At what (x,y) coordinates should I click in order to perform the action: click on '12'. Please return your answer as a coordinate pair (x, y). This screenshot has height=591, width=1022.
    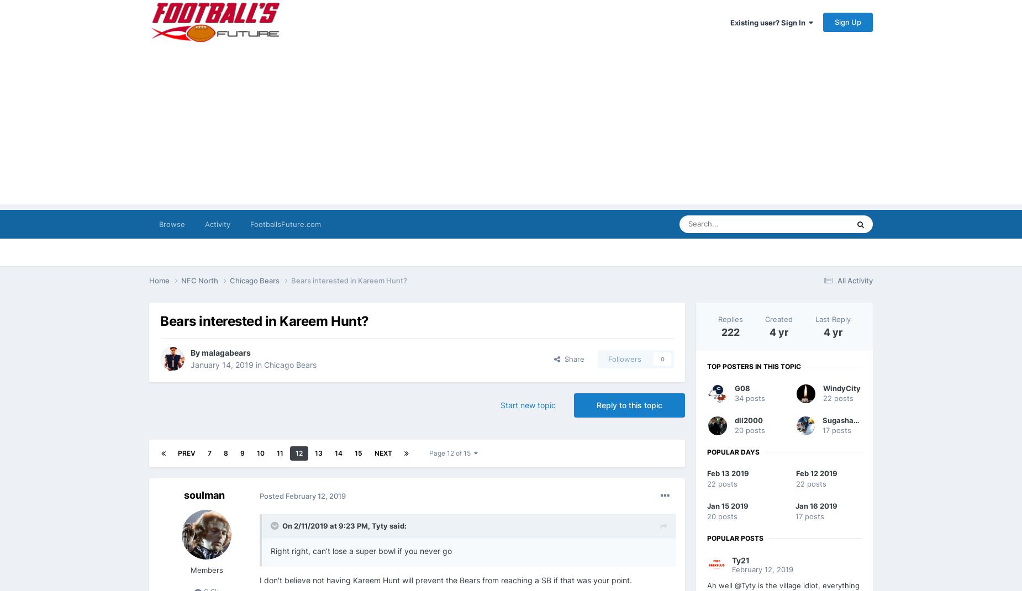
    Looking at the image, I should click on (299, 453).